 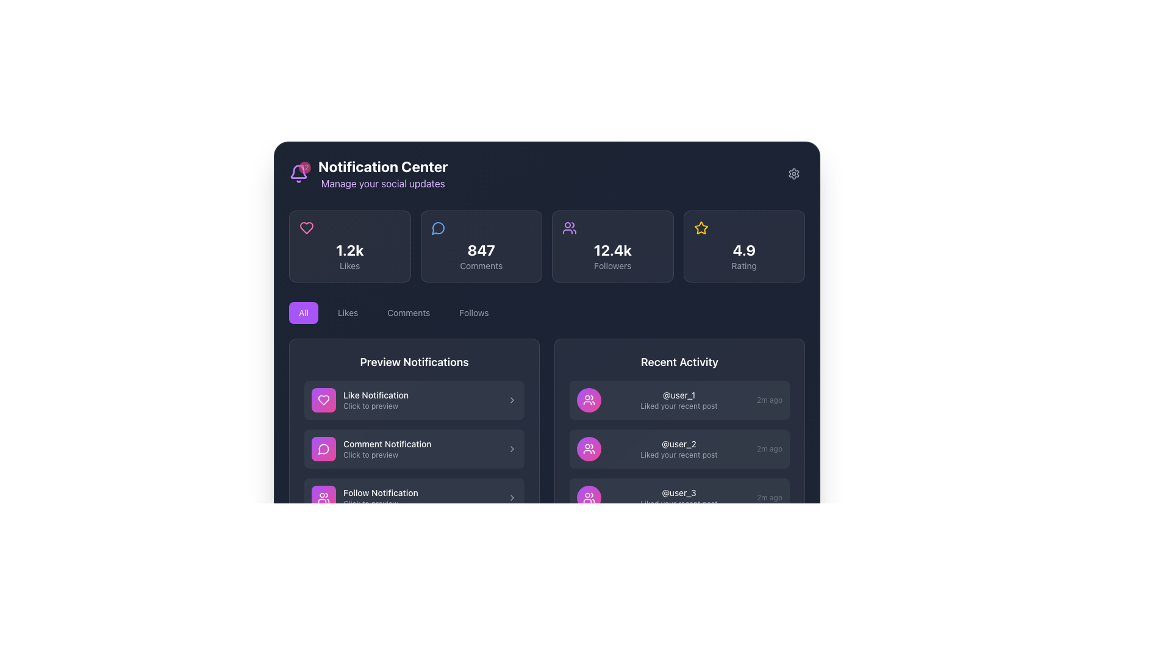 What do you see at coordinates (678, 455) in the screenshot?
I see `the text label that reads 'Liked your recent post' in the Recent Activity section, located in the rightmost column, second entry in the list` at bounding box center [678, 455].